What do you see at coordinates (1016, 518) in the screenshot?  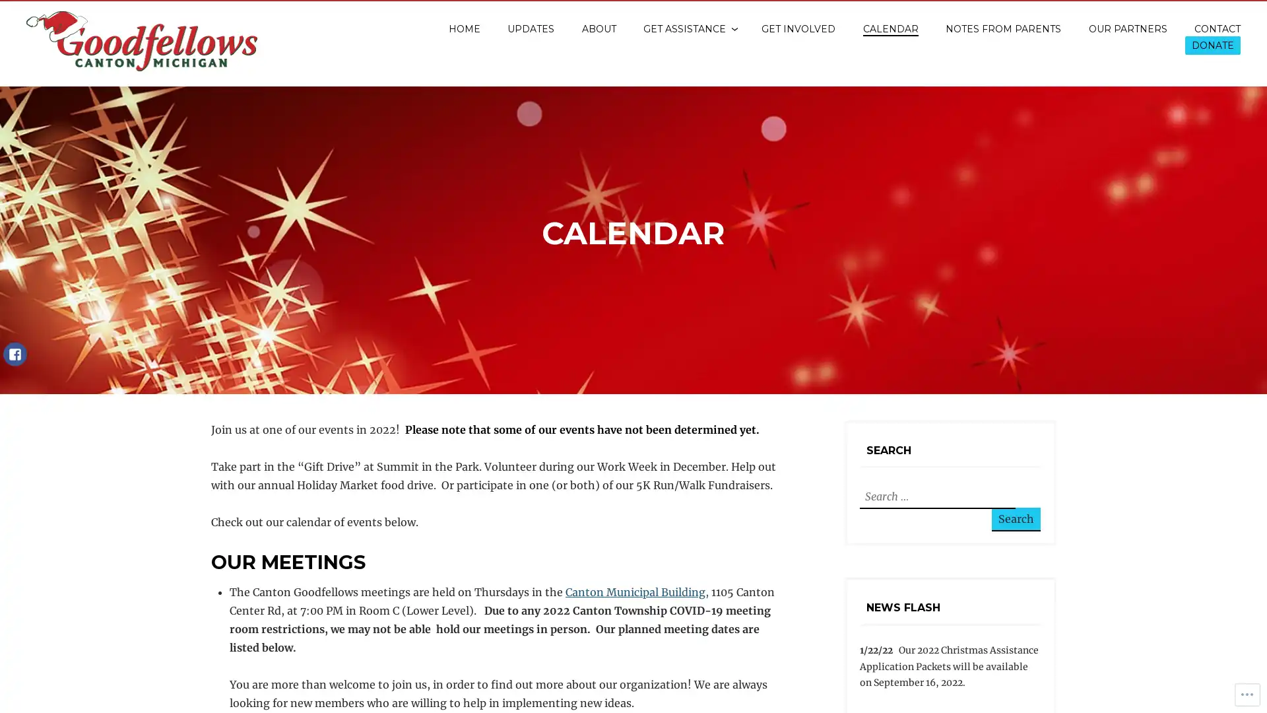 I see `Search` at bounding box center [1016, 518].